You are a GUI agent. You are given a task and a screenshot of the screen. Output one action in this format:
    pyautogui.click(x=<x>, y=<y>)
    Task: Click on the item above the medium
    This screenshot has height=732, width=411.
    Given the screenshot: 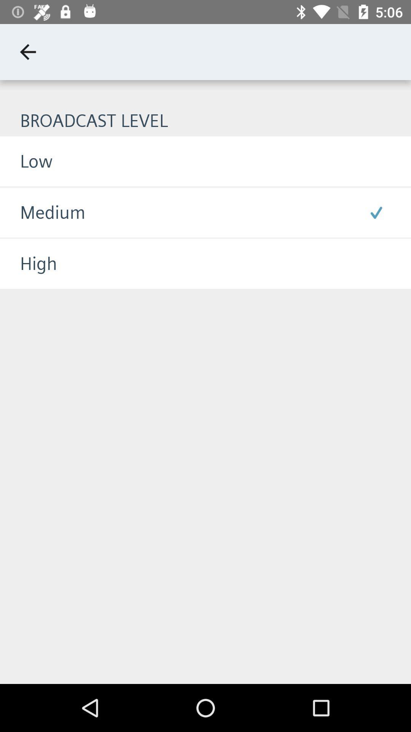 What is the action you would take?
    pyautogui.click(x=26, y=161)
    